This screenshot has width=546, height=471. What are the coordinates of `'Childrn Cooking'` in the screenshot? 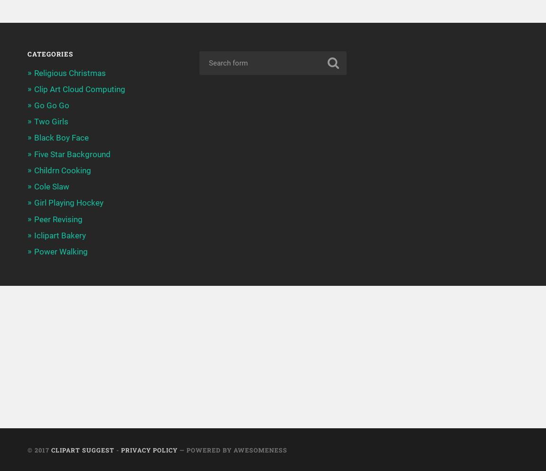 It's located at (61, 170).